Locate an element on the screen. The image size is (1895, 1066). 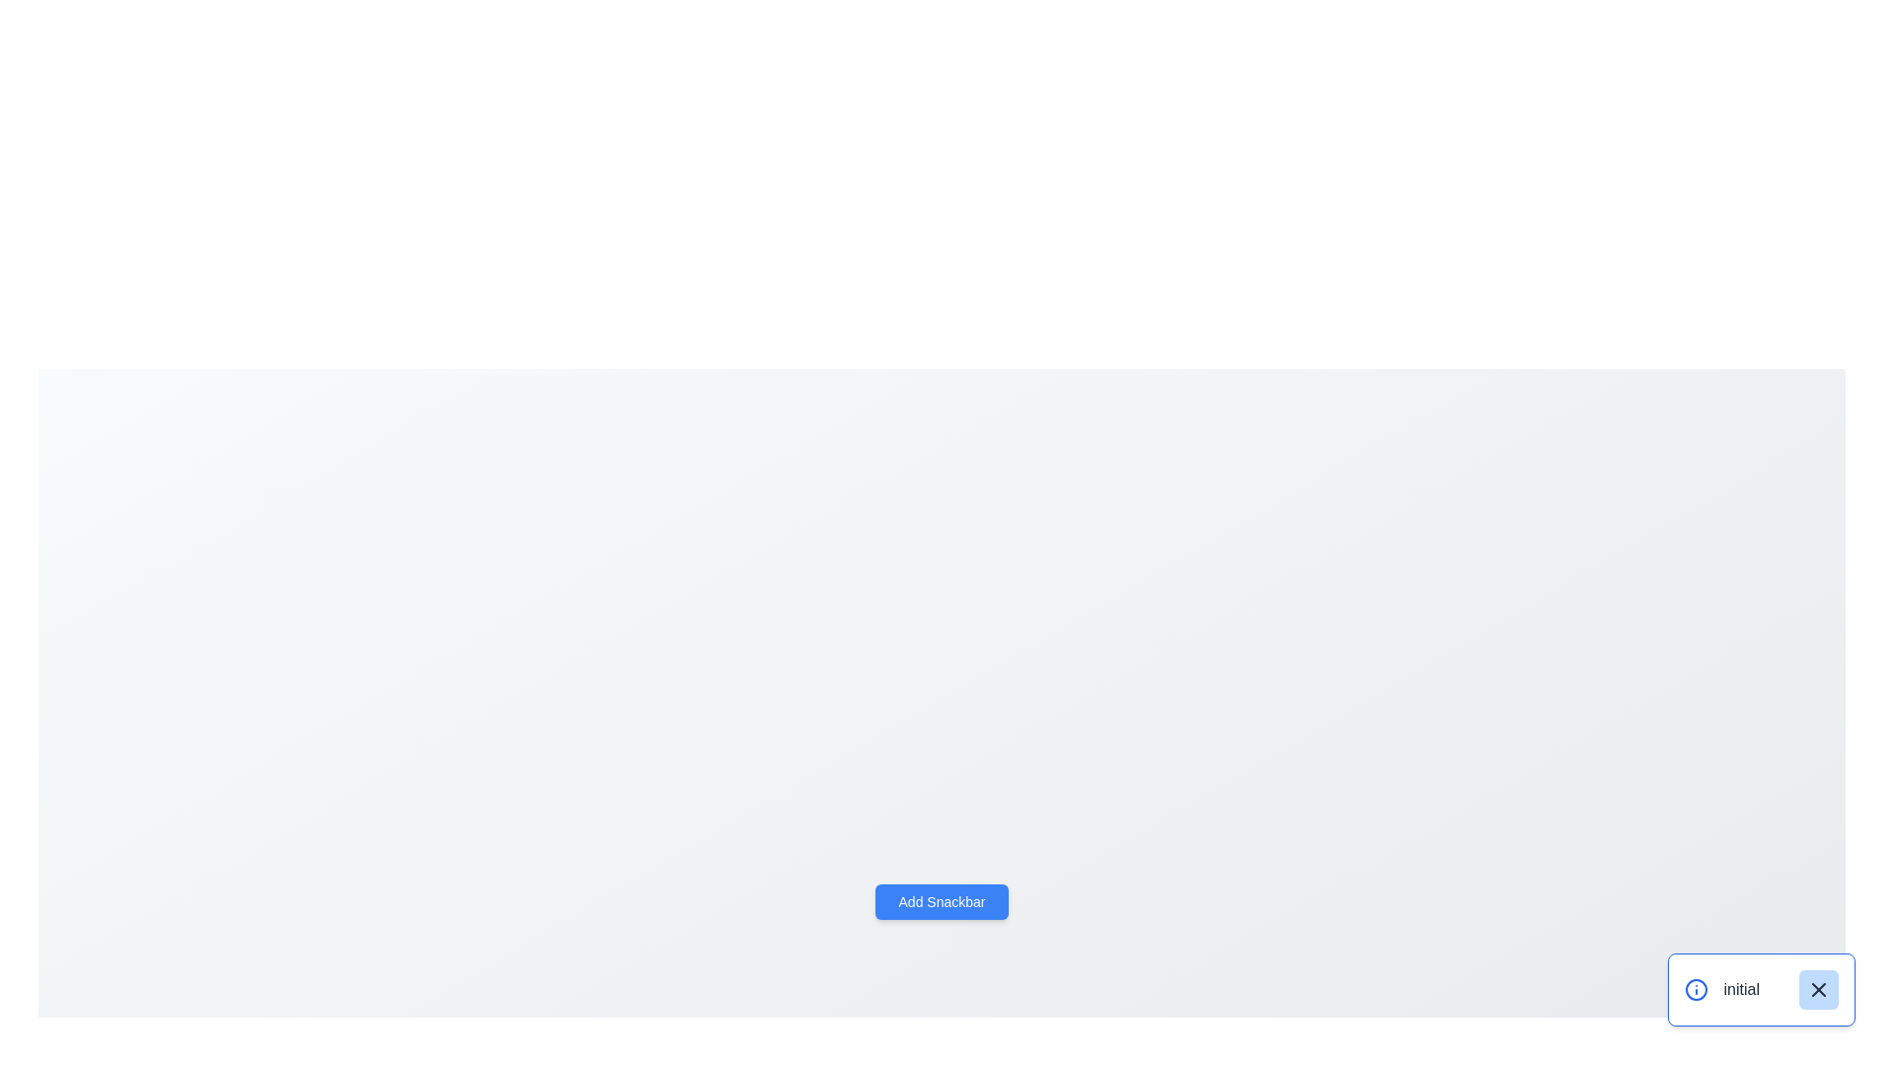
the innermost circular part of the information icon in the bottom-right corner of the interface is located at coordinates (1695, 989).